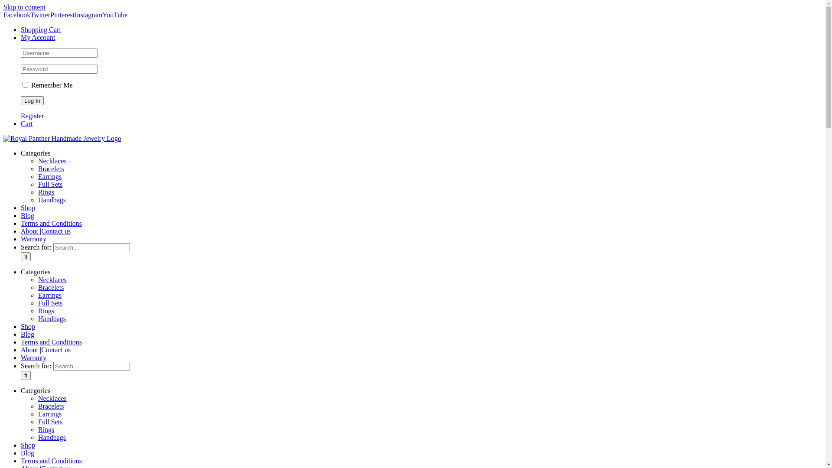 The image size is (832, 468). What do you see at coordinates (40, 29) in the screenshot?
I see `'Shopping Cart'` at bounding box center [40, 29].